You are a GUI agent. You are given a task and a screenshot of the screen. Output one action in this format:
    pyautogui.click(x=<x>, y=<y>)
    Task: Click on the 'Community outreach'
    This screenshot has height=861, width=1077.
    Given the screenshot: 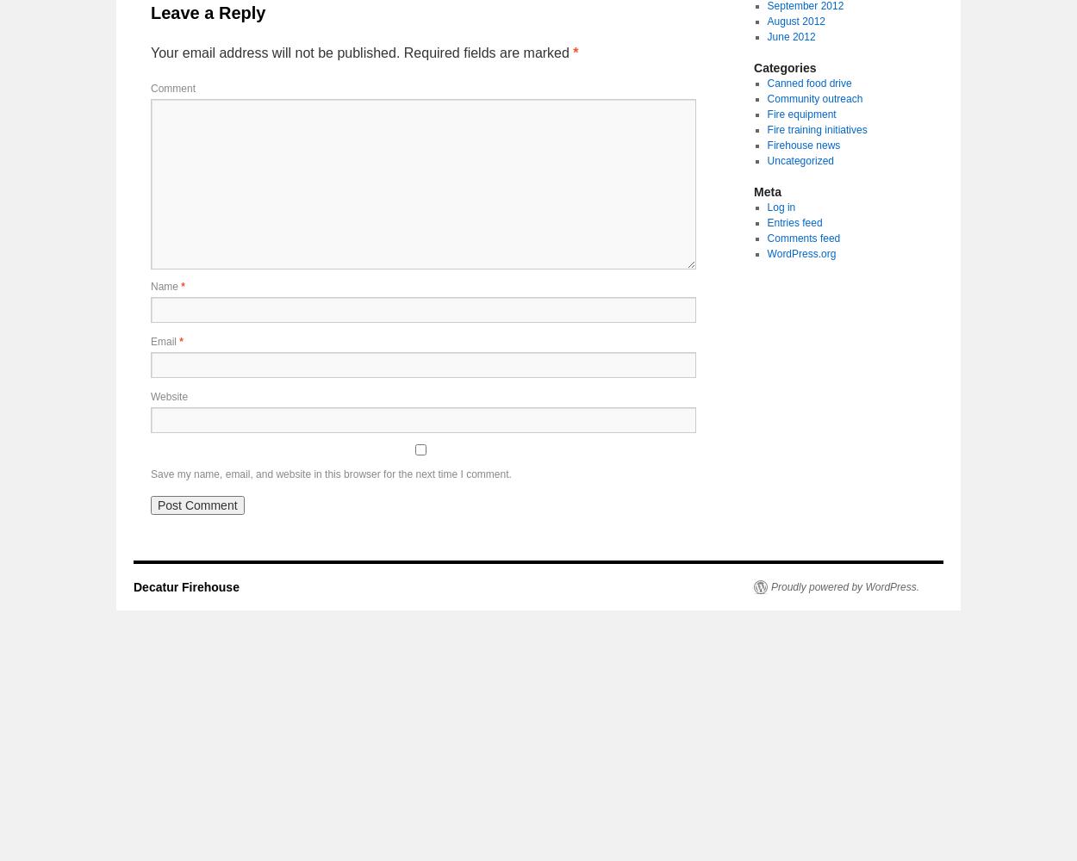 What is the action you would take?
    pyautogui.click(x=767, y=98)
    